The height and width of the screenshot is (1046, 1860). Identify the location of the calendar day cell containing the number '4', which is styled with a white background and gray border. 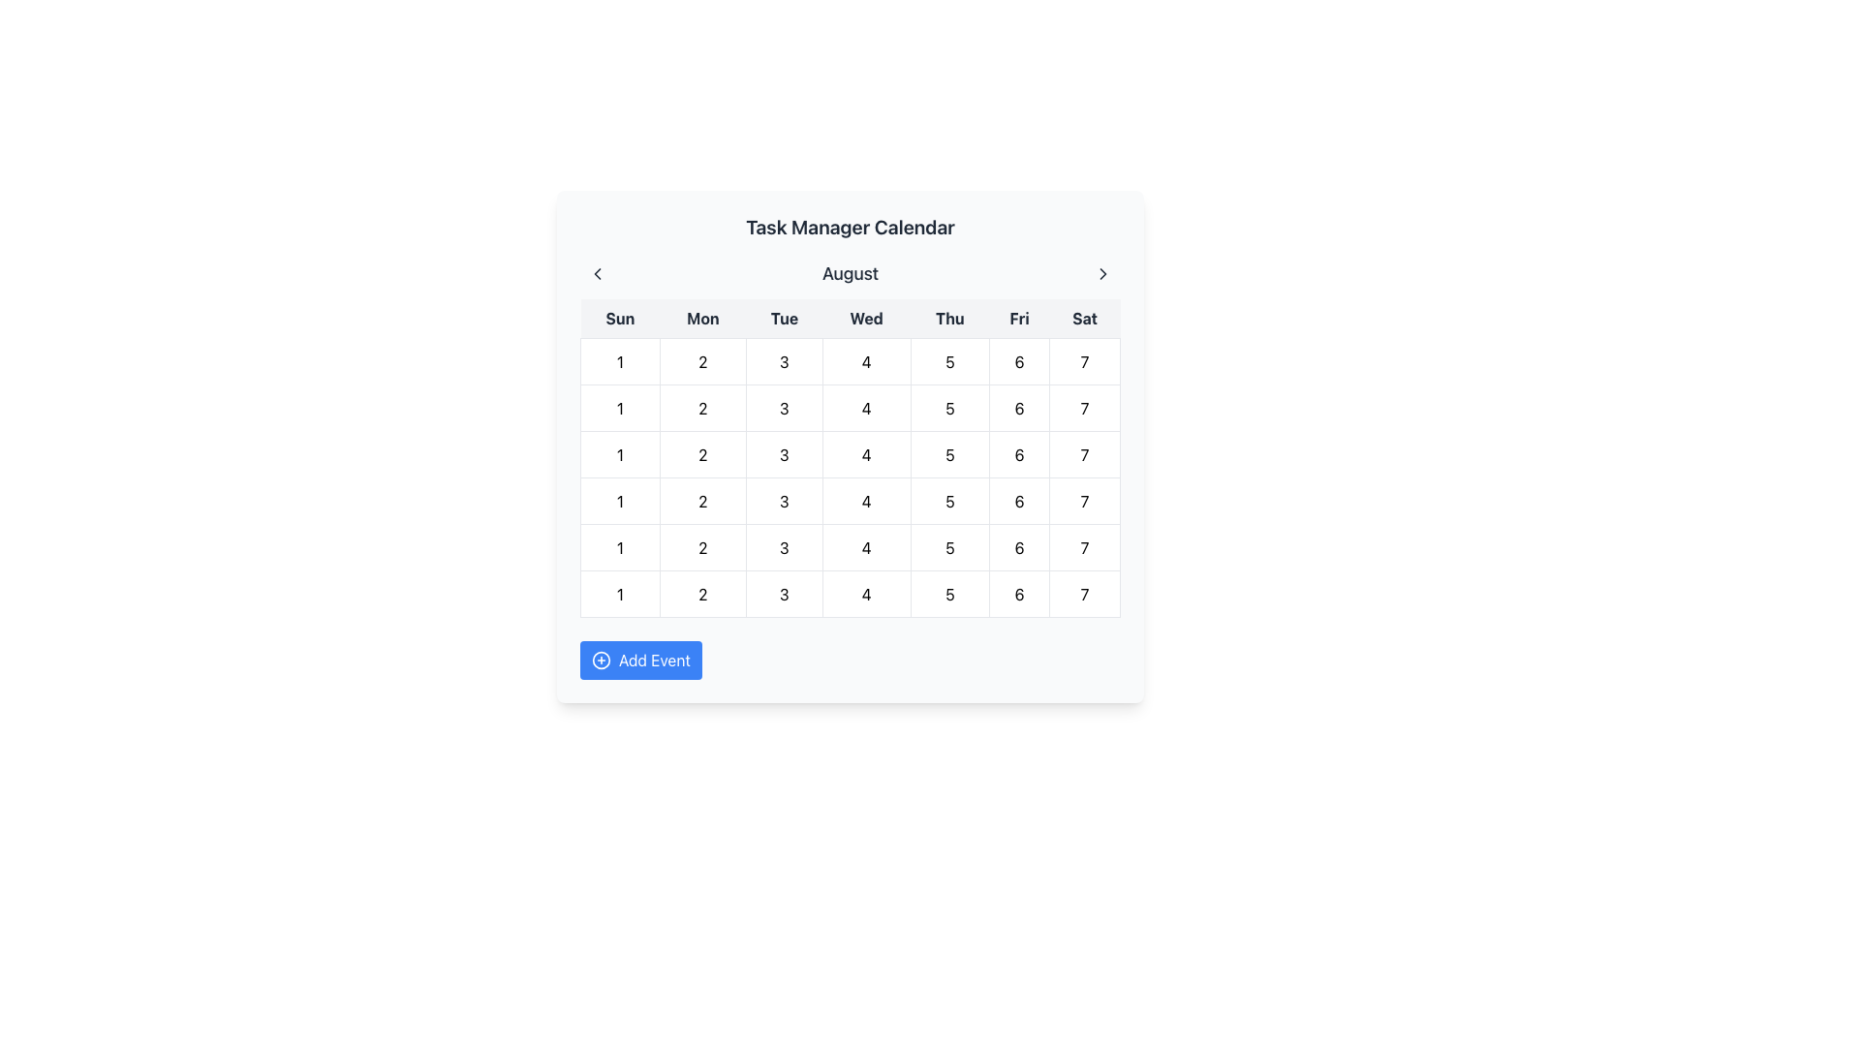
(851, 593).